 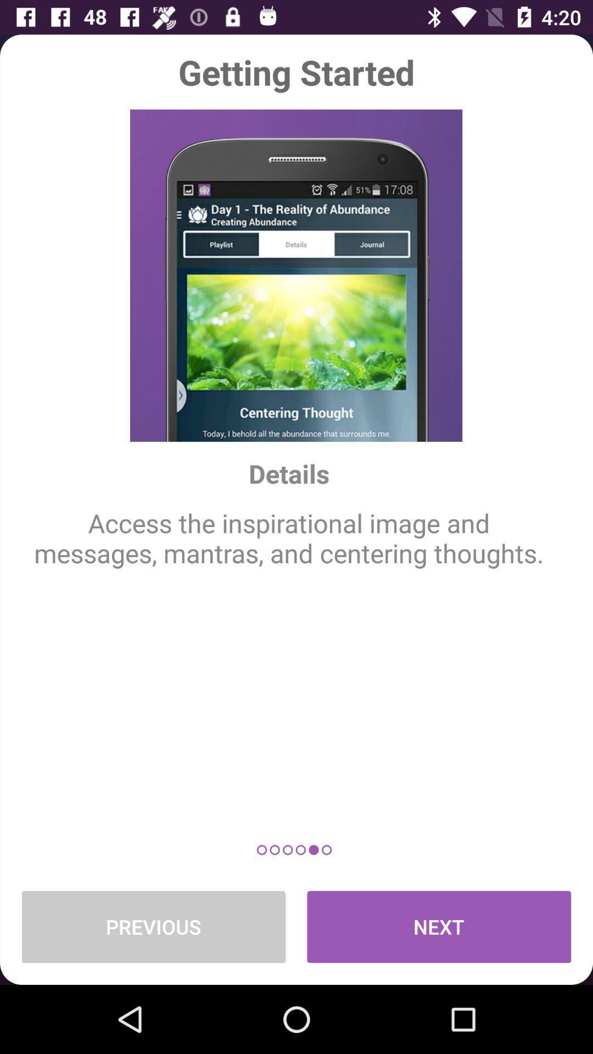 I want to click on item to the right of previous icon, so click(x=438, y=926).